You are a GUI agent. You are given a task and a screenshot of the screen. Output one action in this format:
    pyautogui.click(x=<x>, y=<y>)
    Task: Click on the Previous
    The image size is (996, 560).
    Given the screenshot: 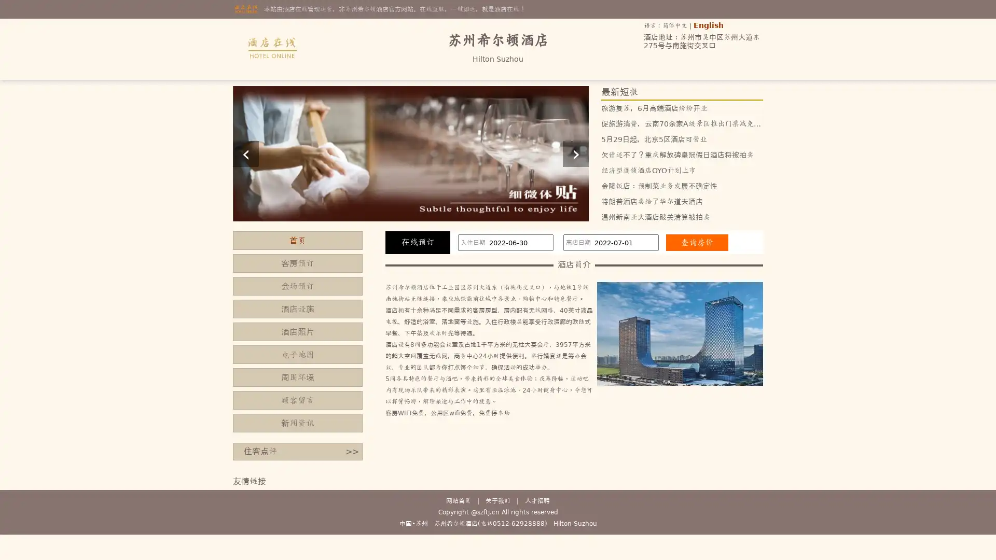 What is the action you would take?
    pyautogui.click(x=245, y=153)
    